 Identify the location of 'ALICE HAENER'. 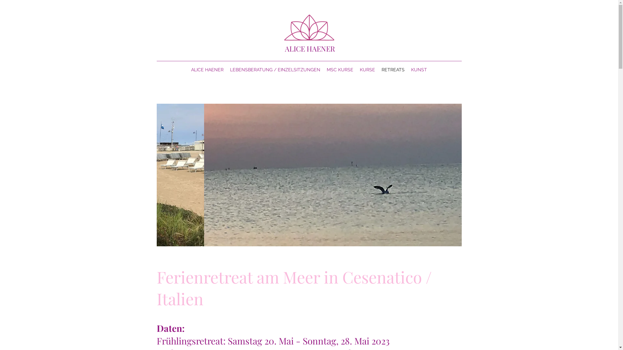
(207, 70).